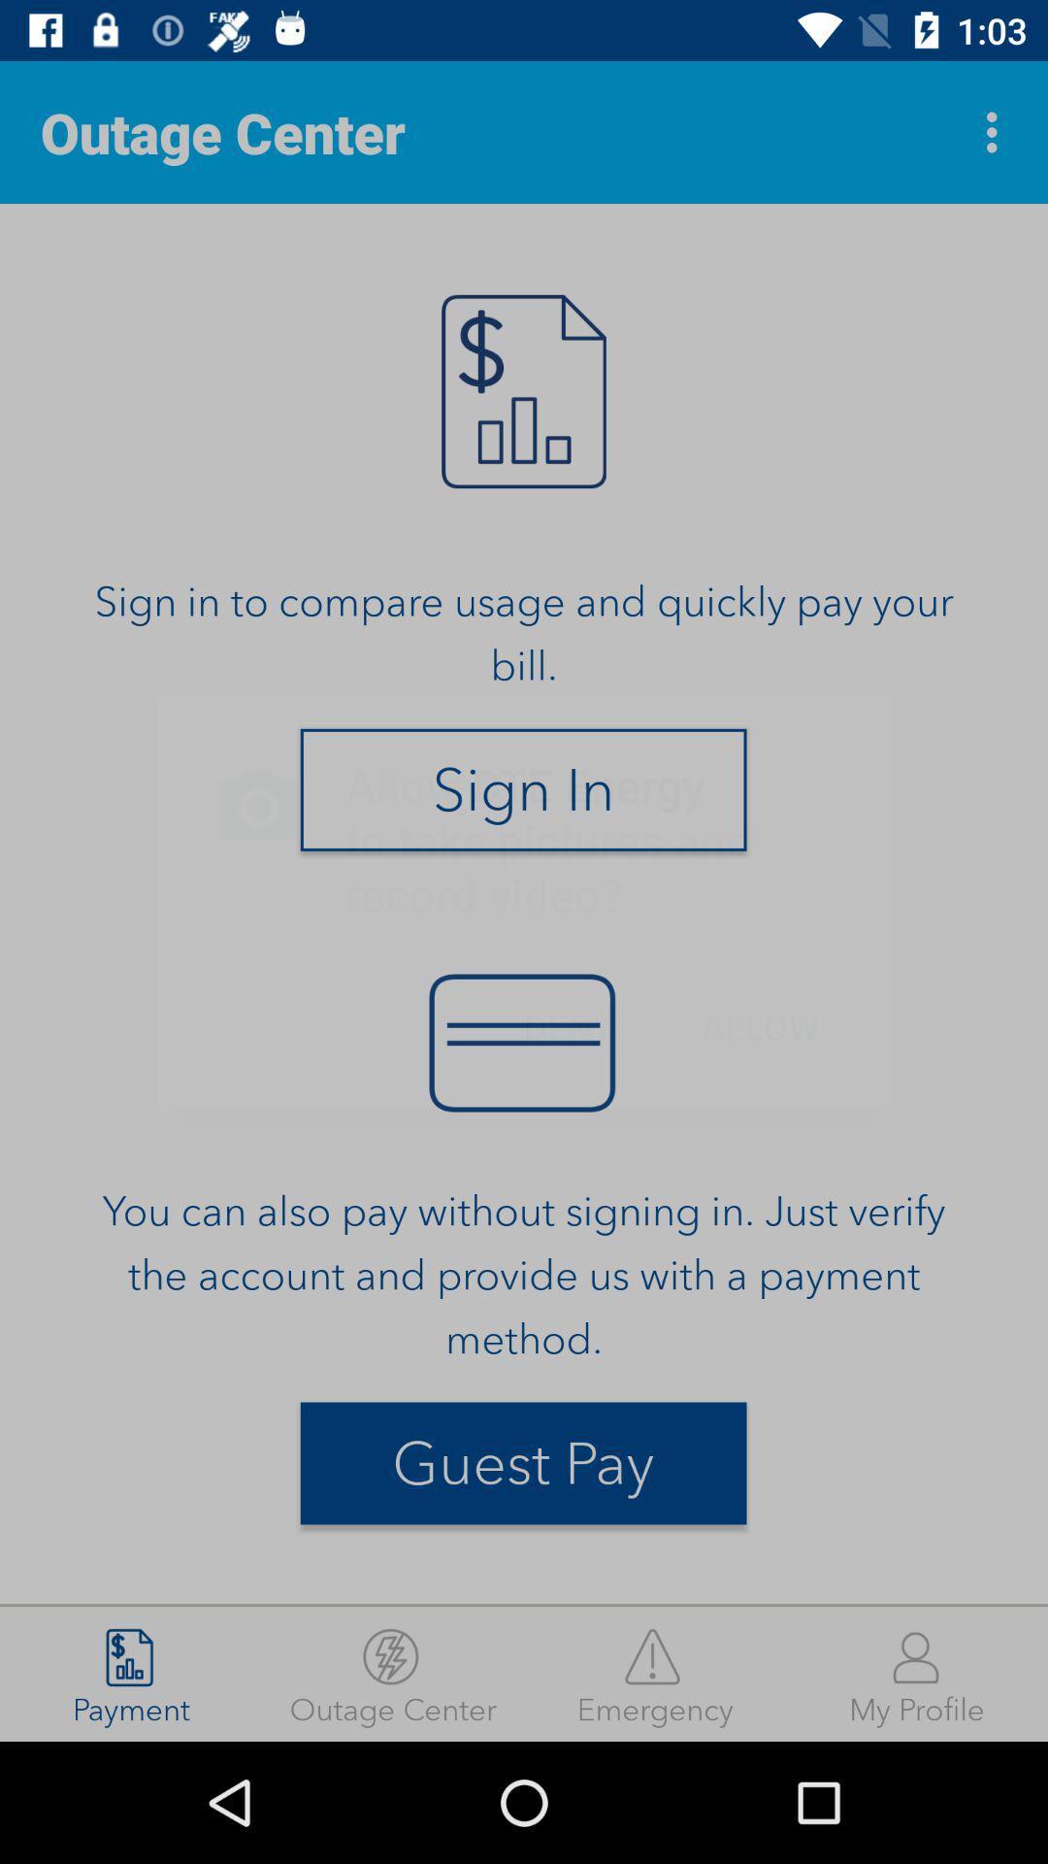  What do you see at coordinates (997, 131) in the screenshot?
I see `item at the top right corner` at bounding box center [997, 131].